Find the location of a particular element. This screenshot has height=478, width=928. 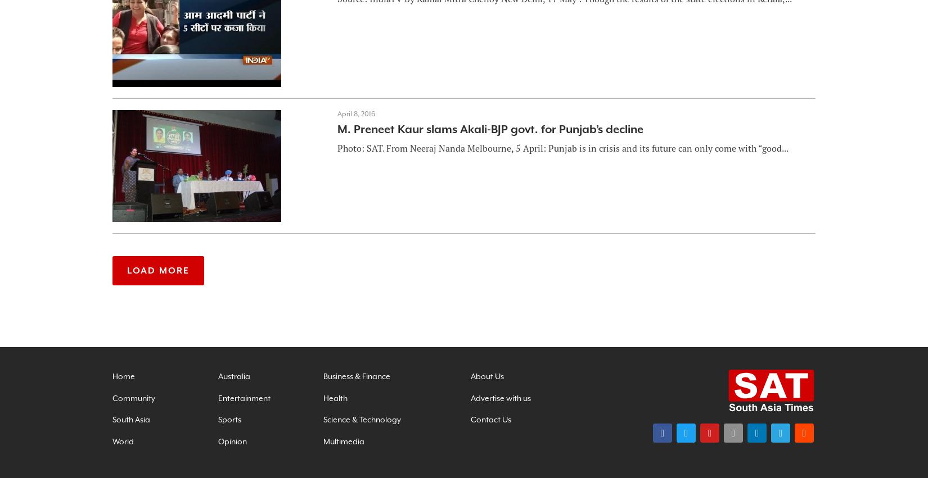

'Advertise with us' is located at coordinates (500, 397).